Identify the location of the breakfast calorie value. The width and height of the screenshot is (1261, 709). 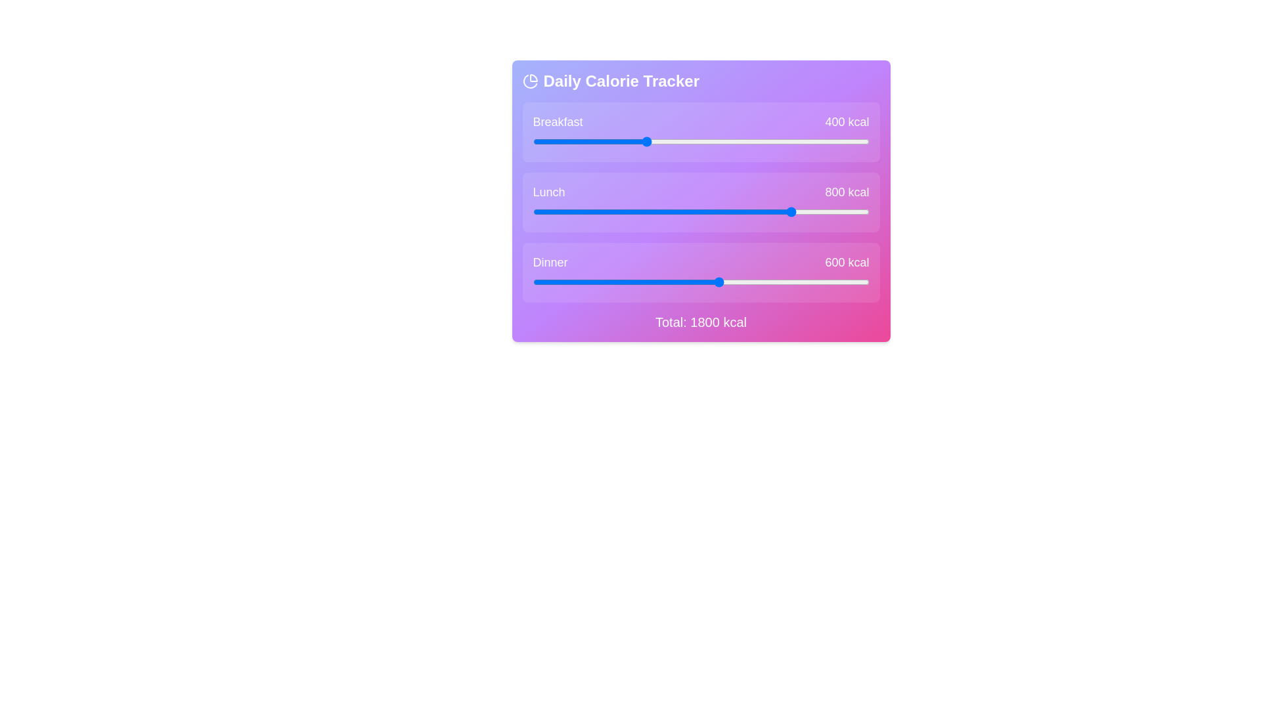
(590, 142).